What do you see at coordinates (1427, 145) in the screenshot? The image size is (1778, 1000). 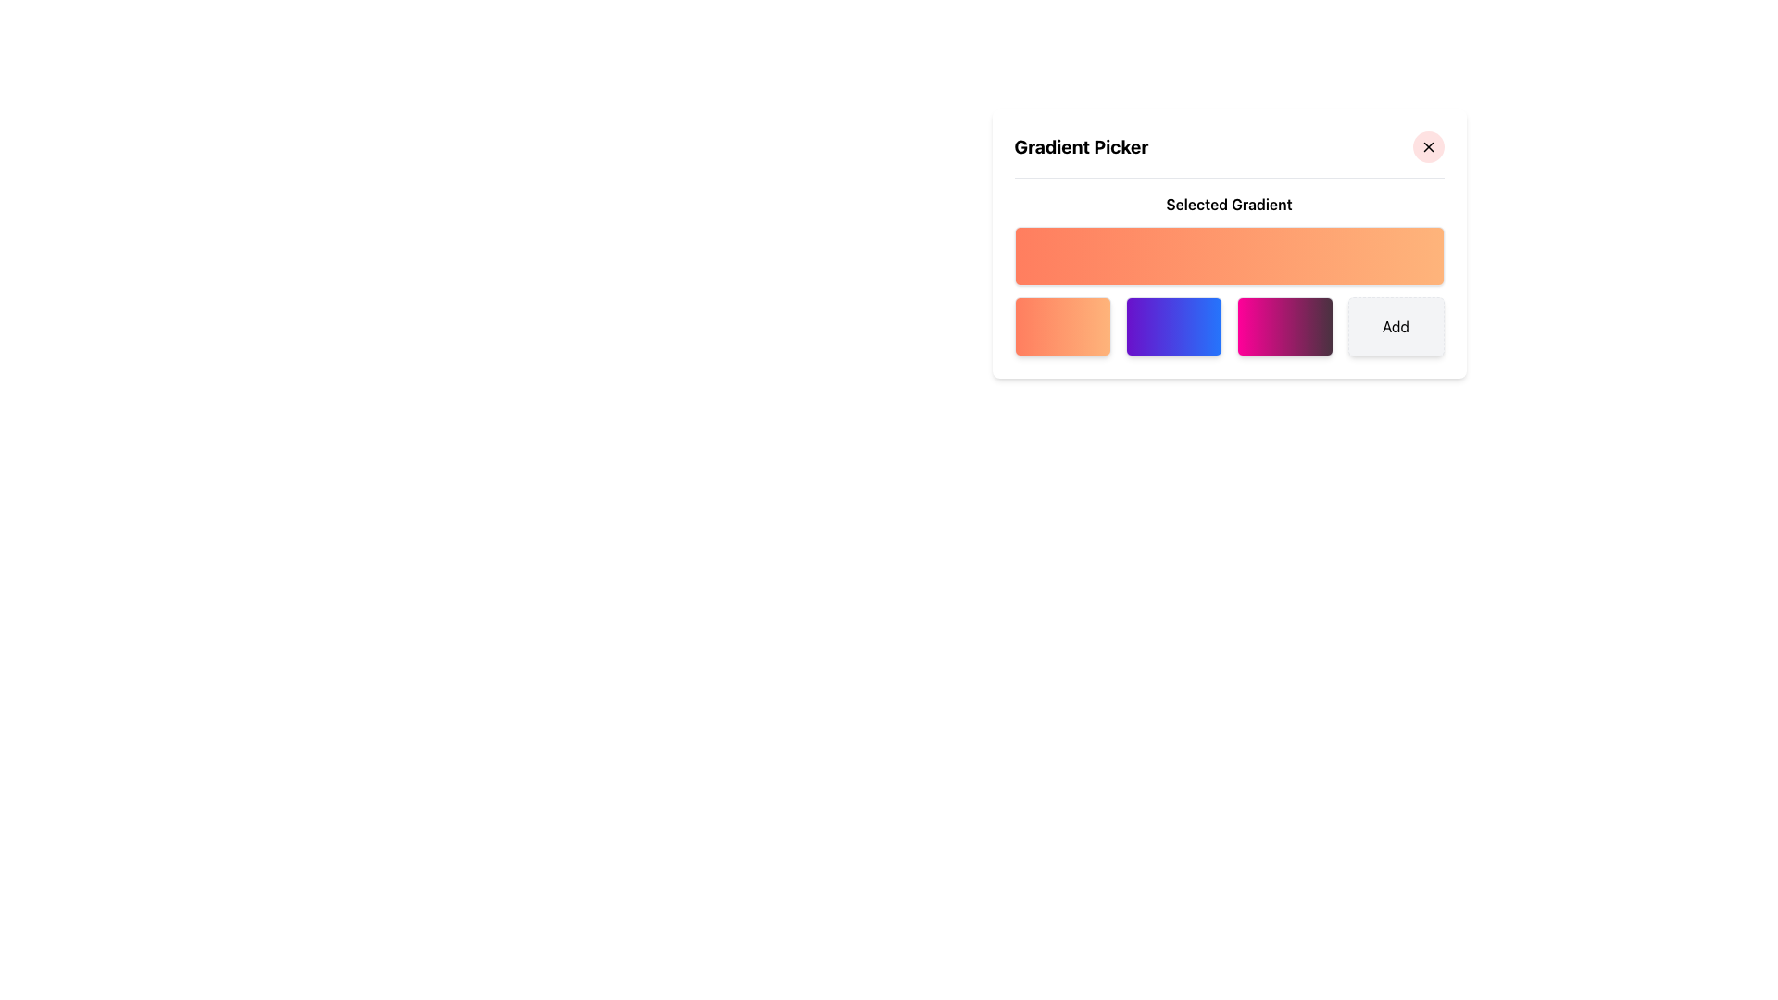 I see `the circular red button with an 'X' icon in the top-right corner of the 'Gradient Picker' to observe the visual change when hovered` at bounding box center [1427, 145].